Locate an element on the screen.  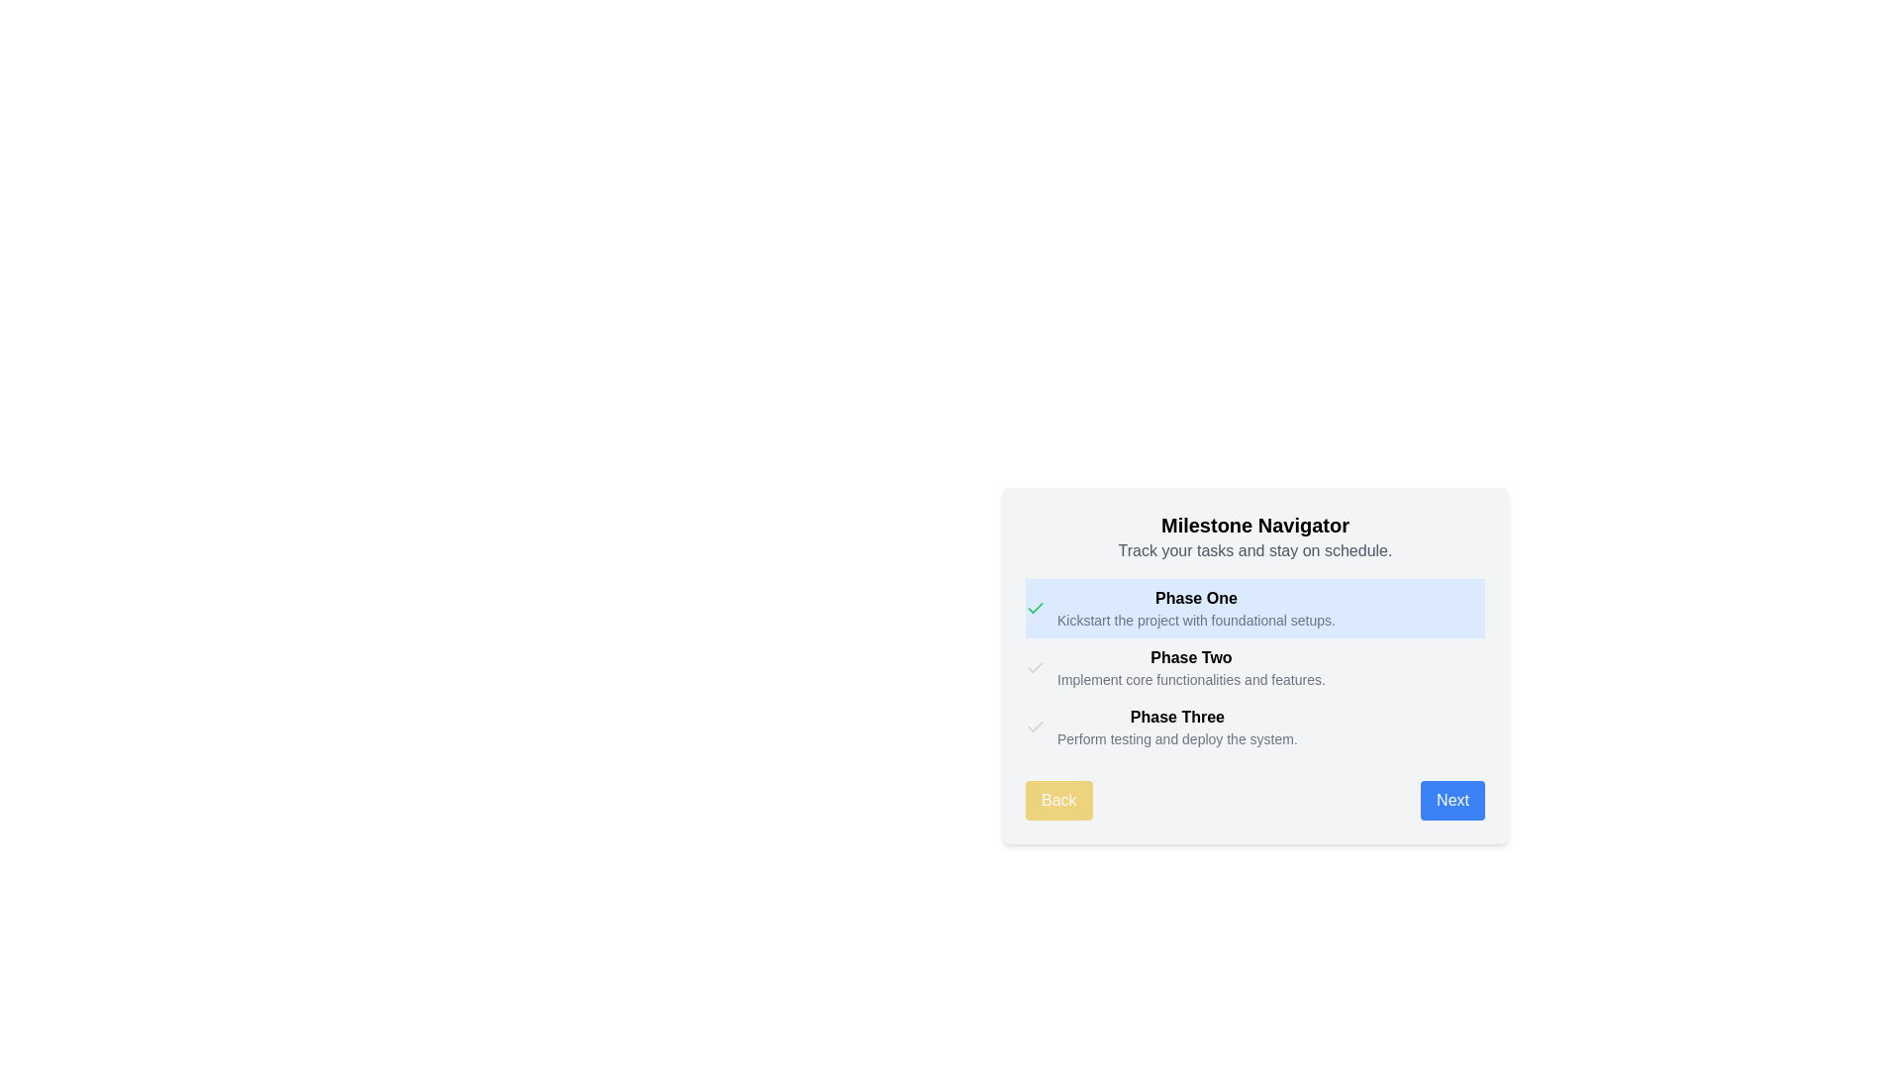
text label displaying 'Milestone Navigator' that is prominently styled and located at the top of the content card inside the dialog box is located at coordinates (1253, 525).